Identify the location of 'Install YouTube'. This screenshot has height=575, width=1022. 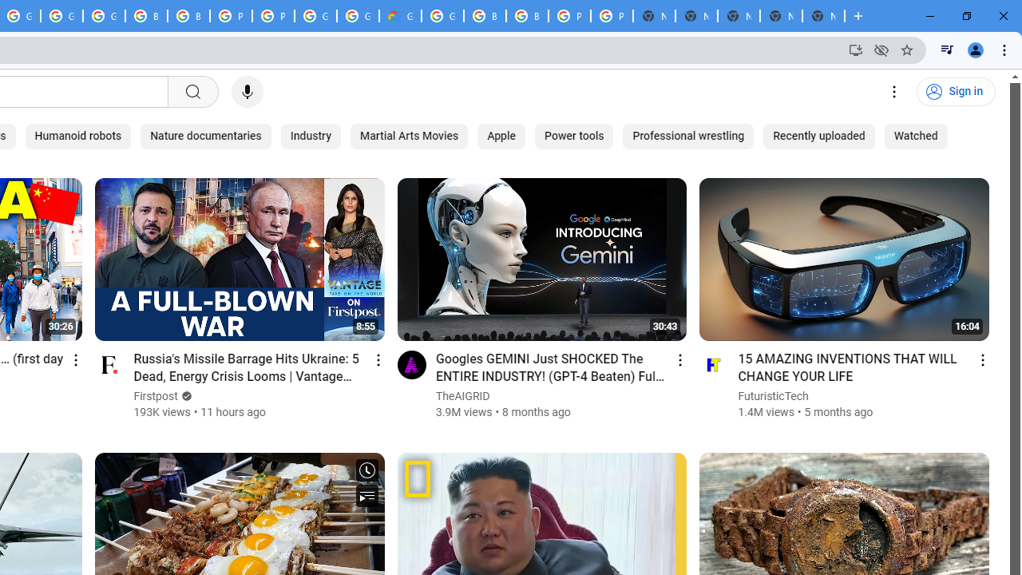
(855, 49).